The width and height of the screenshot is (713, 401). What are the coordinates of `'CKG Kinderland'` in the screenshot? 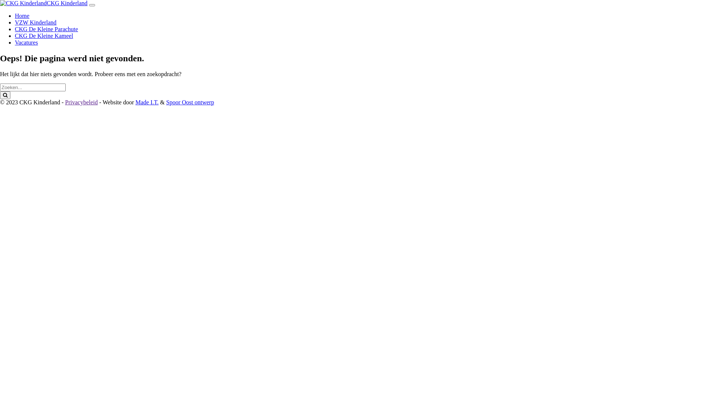 It's located at (67, 3).